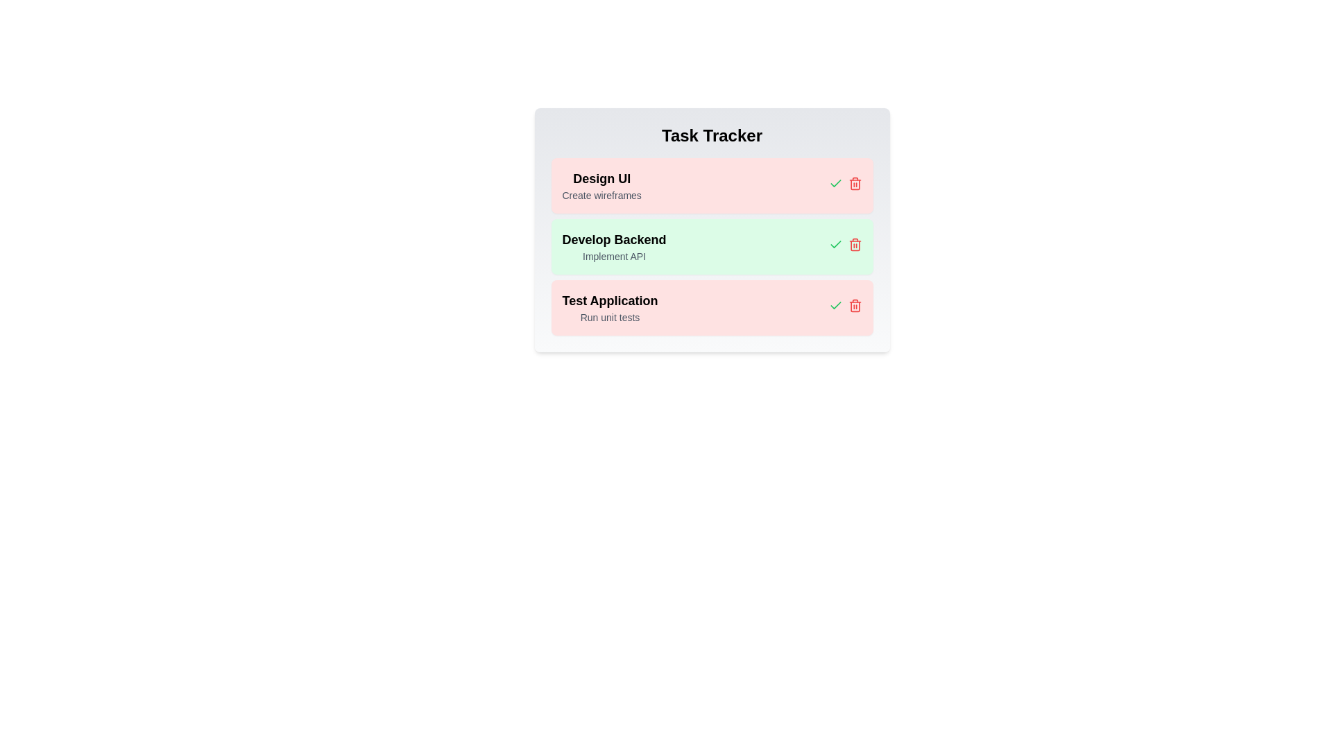 The width and height of the screenshot is (1332, 749). What do you see at coordinates (854, 304) in the screenshot?
I see `the task identified by its name Test Application` at bounding box center [854, 304].